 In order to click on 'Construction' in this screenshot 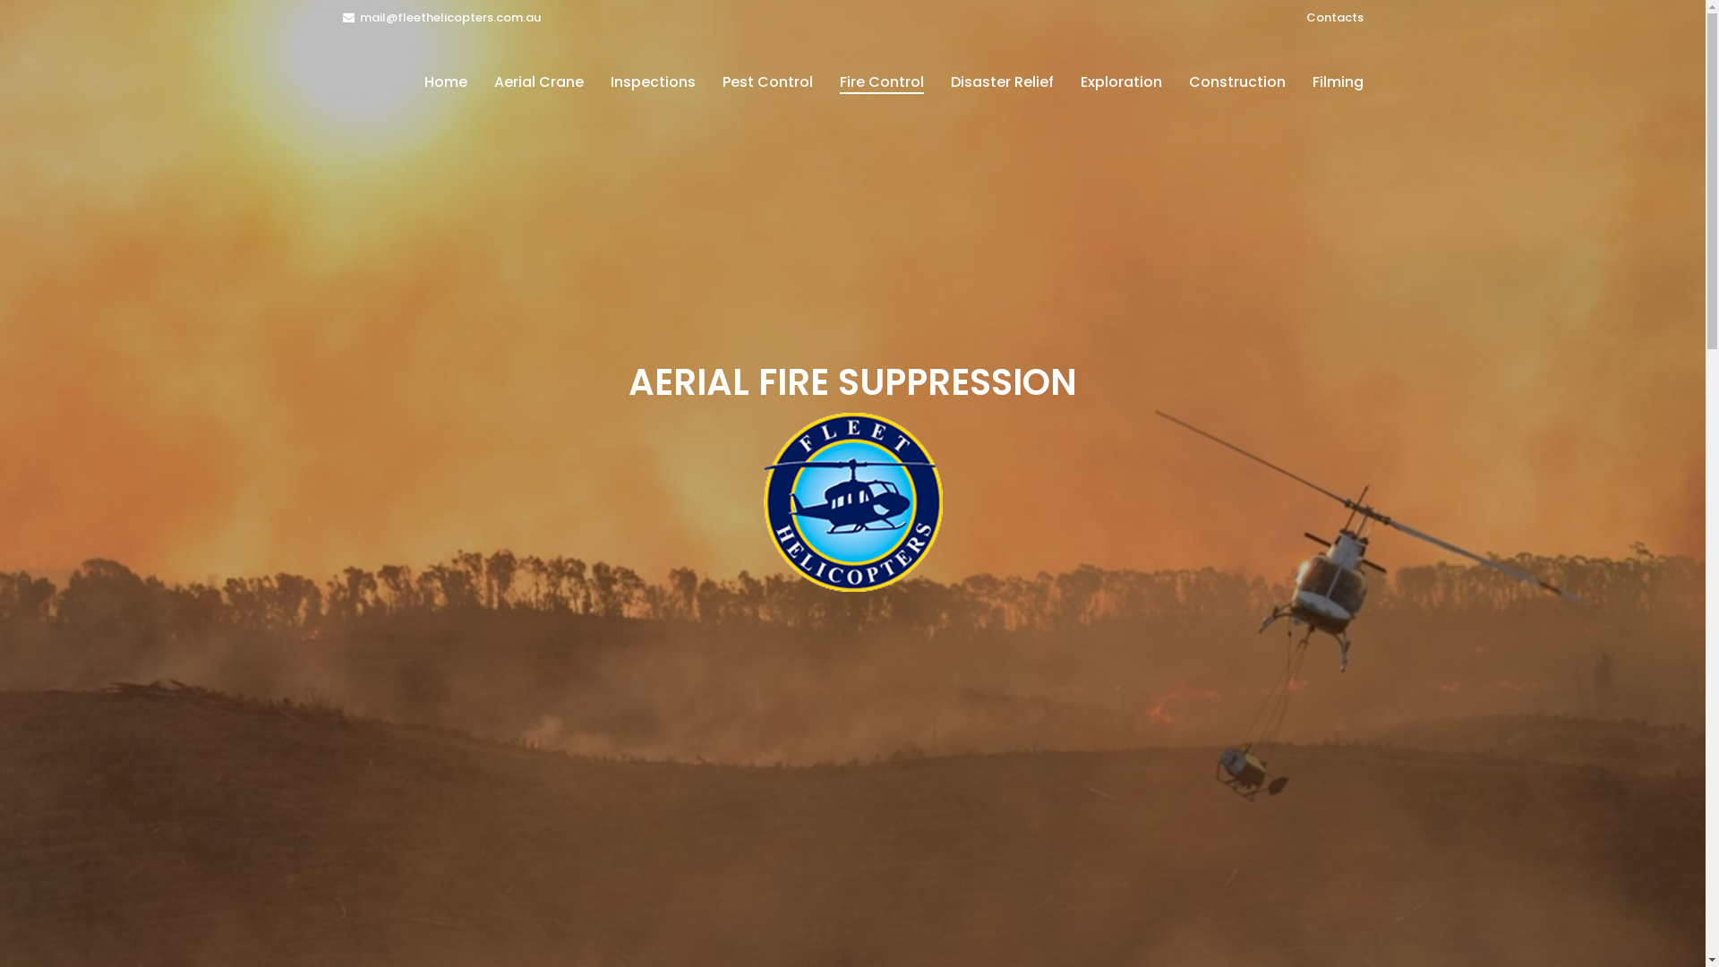, I will do `click(1236, 82)`.